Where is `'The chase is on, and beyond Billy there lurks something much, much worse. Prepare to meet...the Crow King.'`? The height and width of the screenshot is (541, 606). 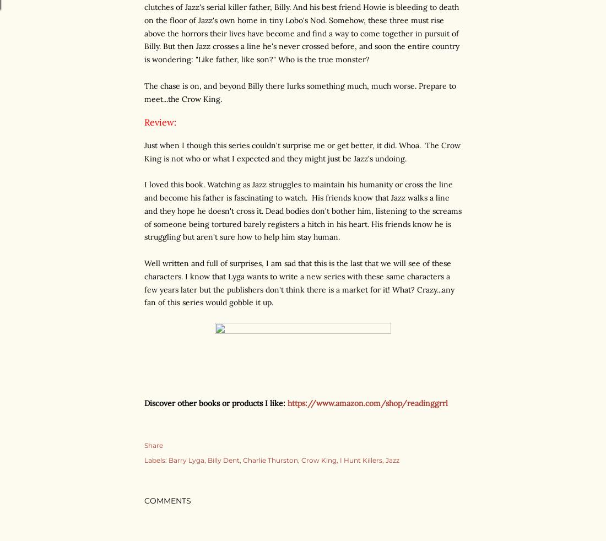
'The chase is on, and beyond Billy there lurks something much, much worse. Prepare to meet...the Crow King.' is located at coordinates (300, 91).